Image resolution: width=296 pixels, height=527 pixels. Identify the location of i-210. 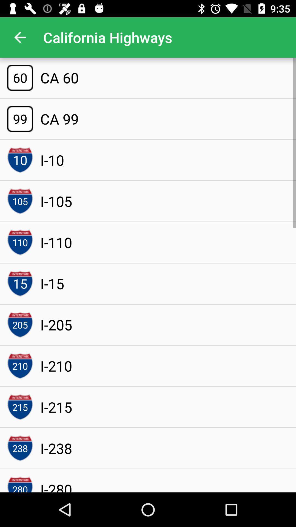
(56, 366).